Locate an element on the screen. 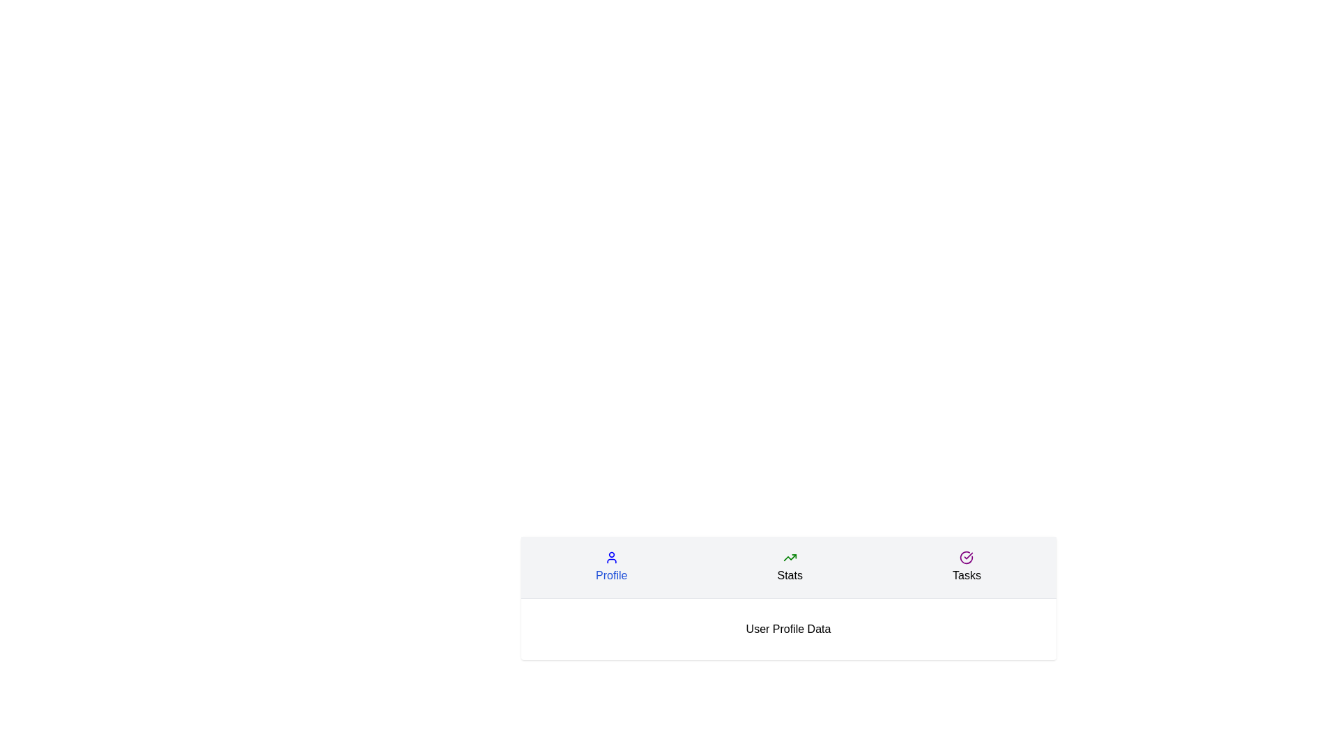 The height and width of the screenshot is (752, 1338). the Stats tab by clicking on its respective button is located at coordinates (790, 567).